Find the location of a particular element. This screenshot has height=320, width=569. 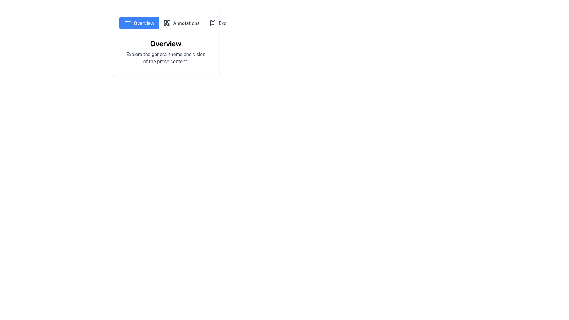

text in the introductory section titled 'Overview', which provides a brief description of the content's purpose or theme is located at coordinates (166, 51).